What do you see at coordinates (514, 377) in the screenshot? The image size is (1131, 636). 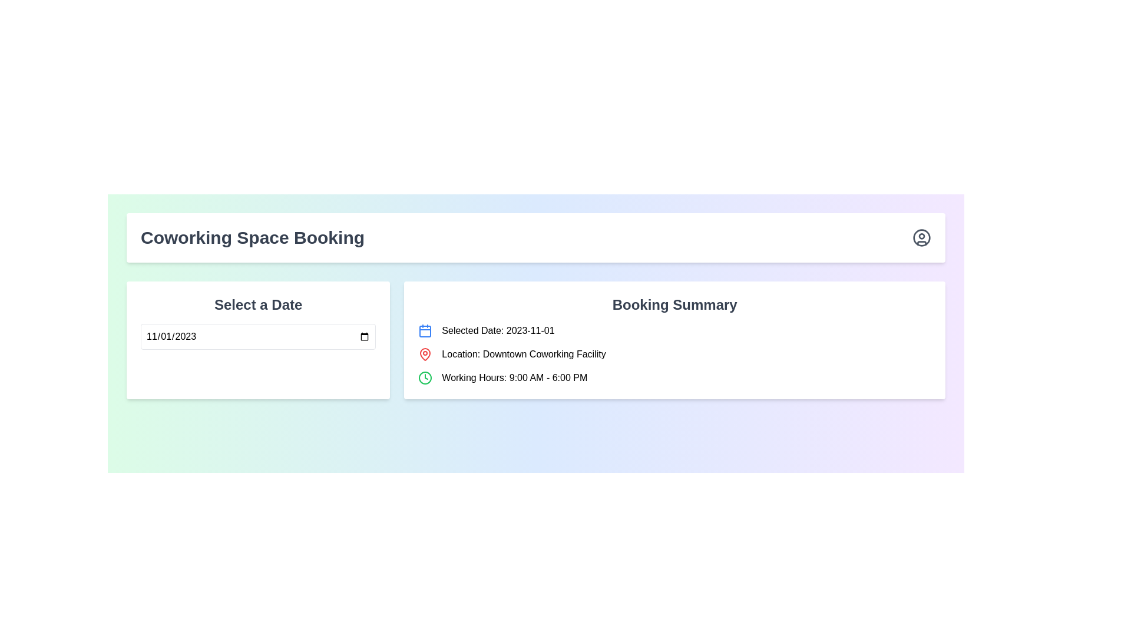 I see `working hours information displayed as 'Working Hours: 9:00 AM - 6:00 PM' in the Booking Summary section, located below the location indication and above no other components` at bounding box center [514, 377].